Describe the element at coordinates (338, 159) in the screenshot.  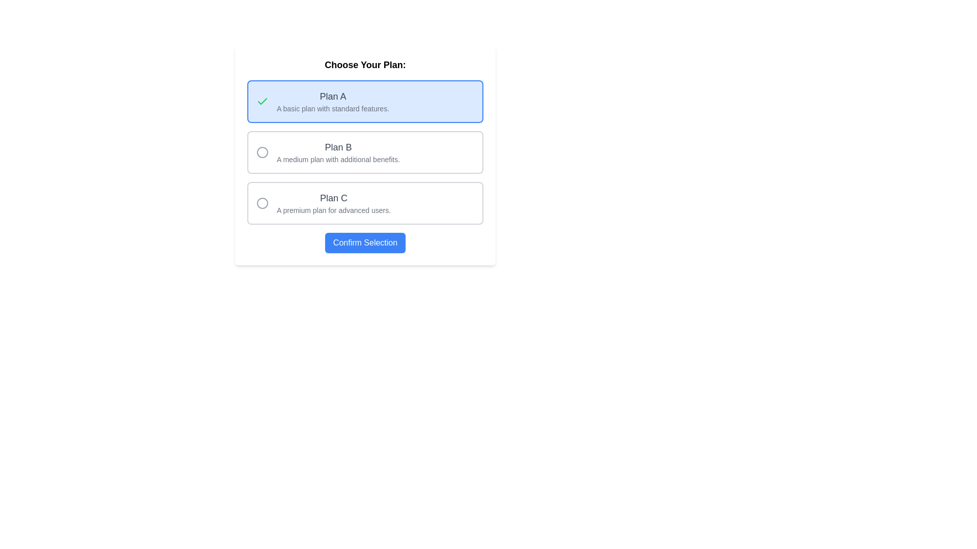
I see `the auxiliary descriptive text located under the 'Plan B' heading in the second option box of the plan choices` at that location.